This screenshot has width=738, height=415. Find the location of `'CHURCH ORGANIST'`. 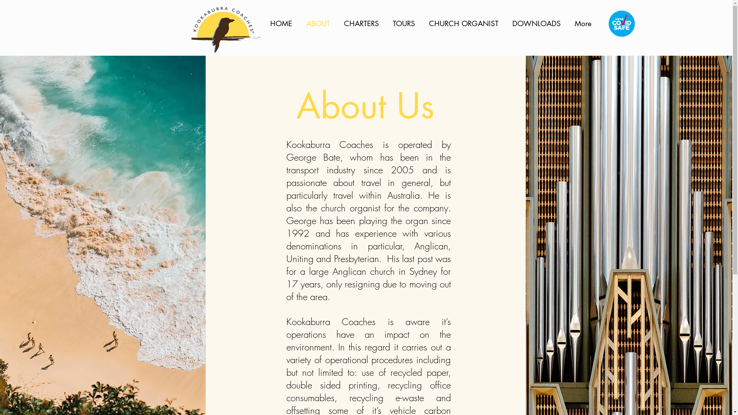

'CHURCH ORGANIST' is located at coordinates (464, 23).